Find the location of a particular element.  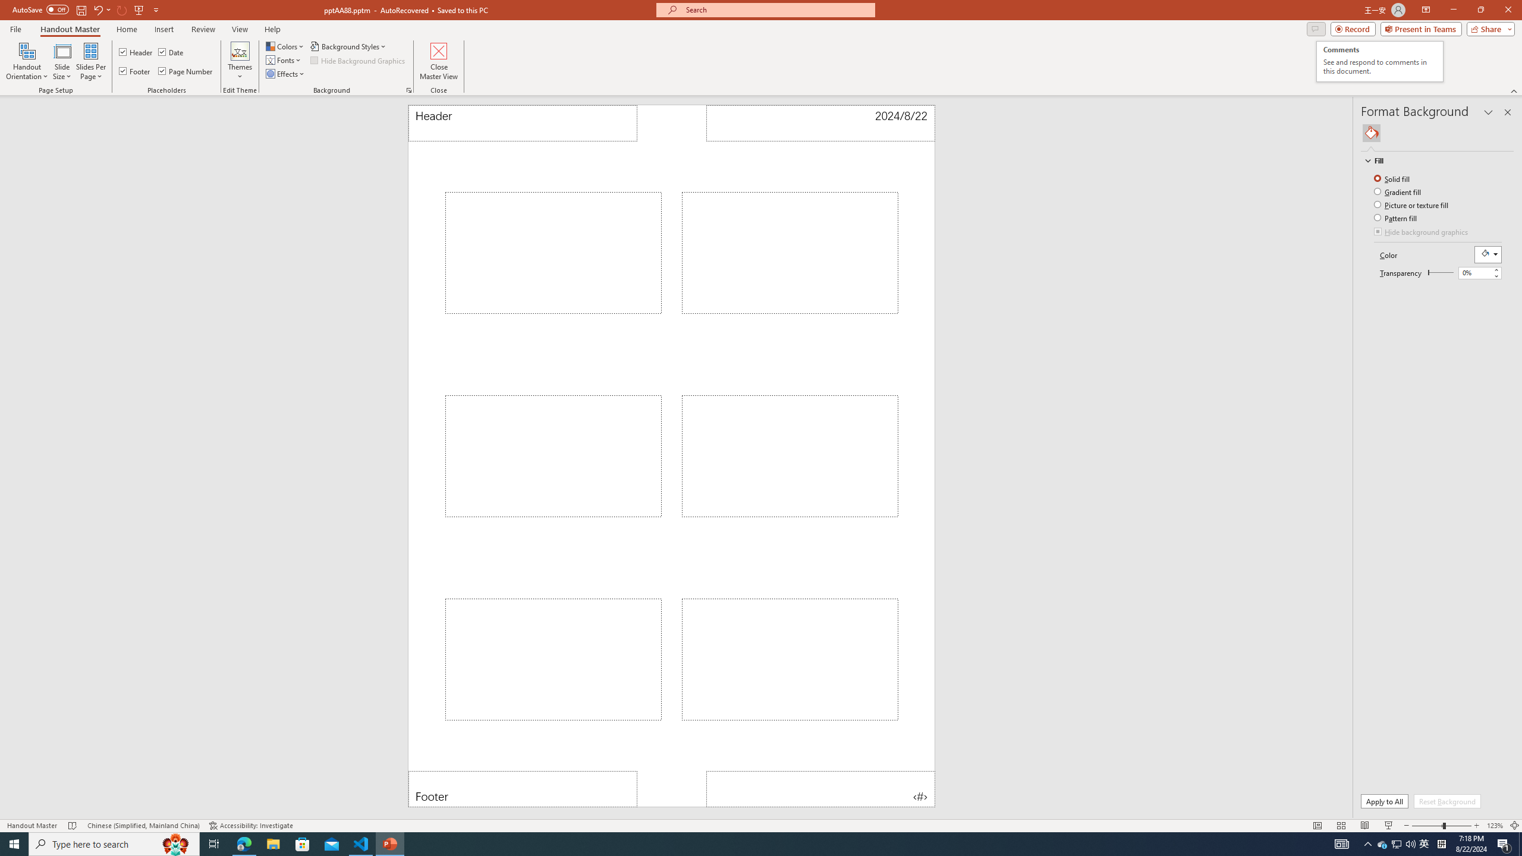

'Fill Color RGB(255, 255, 255)' is located at coordinates (1488, 254).